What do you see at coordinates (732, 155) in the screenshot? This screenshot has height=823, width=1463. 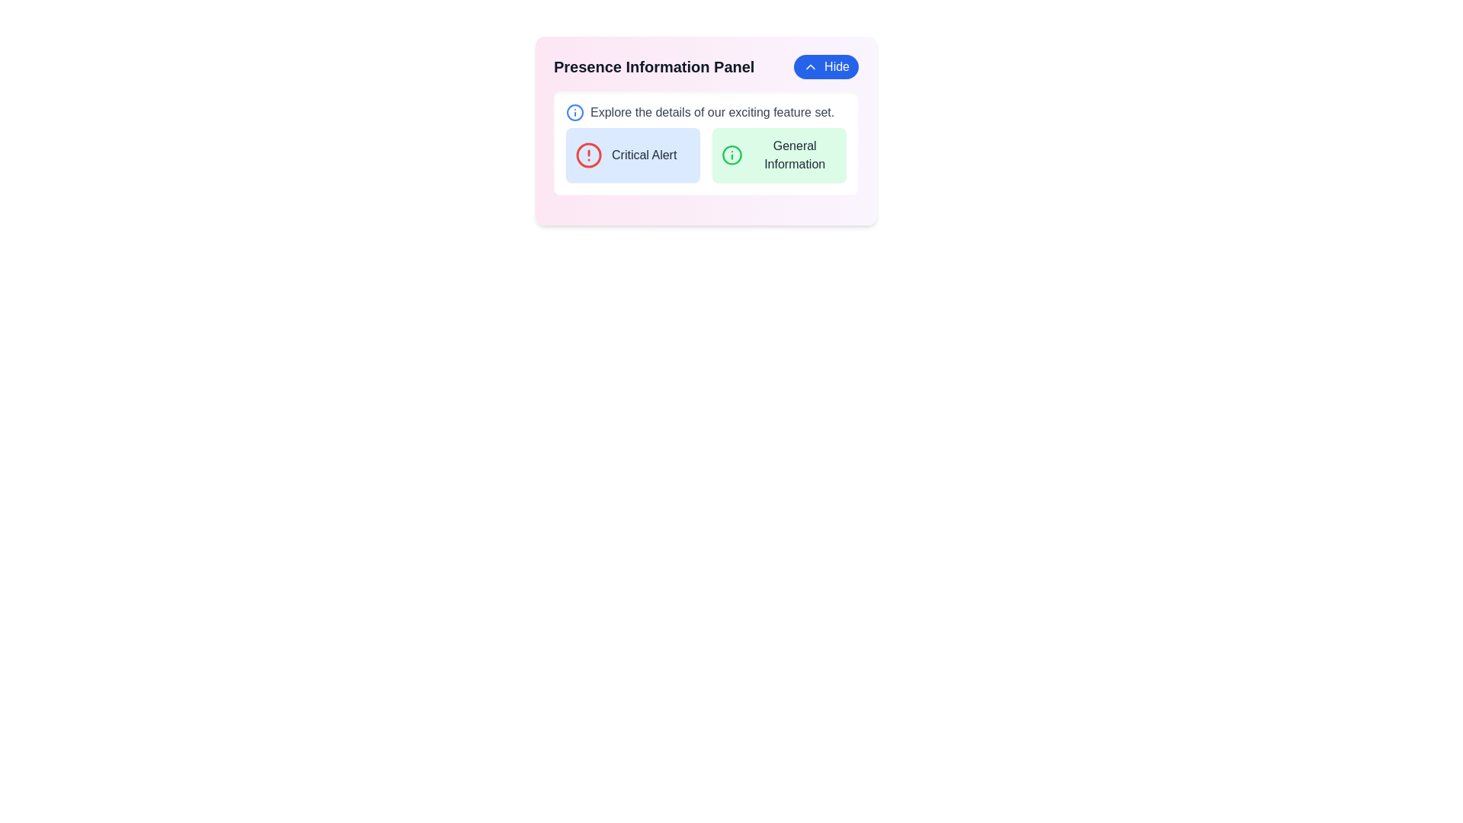 I see `the SVG circle element with a green outline and a white fill, located next to the 'Critical Alert' button in the 'General Information' panel` at bounding box center [732, 155].